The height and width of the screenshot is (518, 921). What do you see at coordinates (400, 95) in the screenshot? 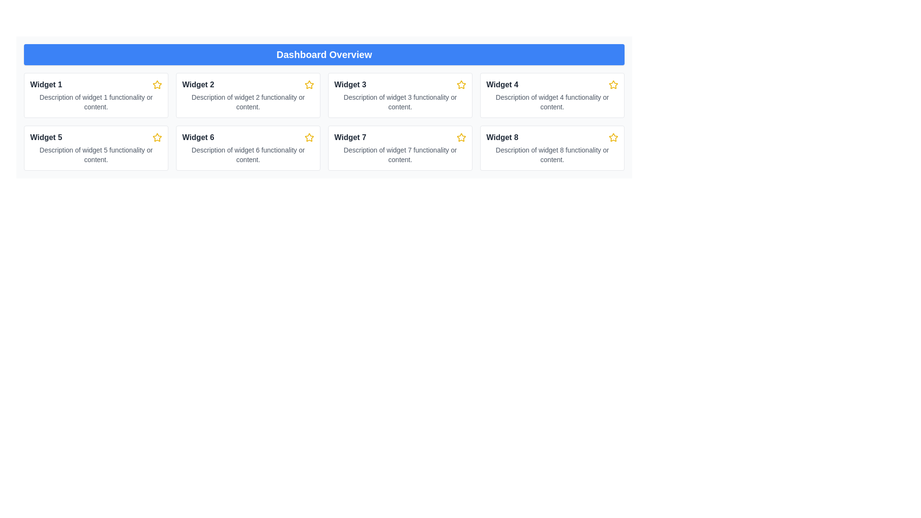
I see `the third card in the first row of the grid layout, which serves as an informational widget providing a title, description, and possibly a rating or favorite feature symbolized by a star icon` at bounding box center [400, 95].